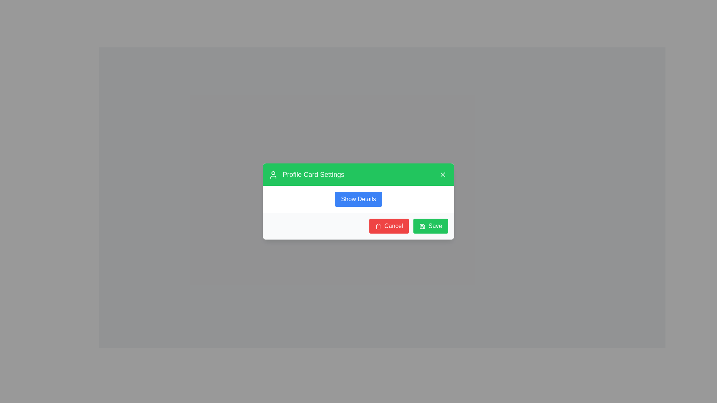 Image resolution: width=717 pixels, height=403 pixels. Describe the element at coordinates (443, 174) in the screenshot. I see `the close button` at that location.